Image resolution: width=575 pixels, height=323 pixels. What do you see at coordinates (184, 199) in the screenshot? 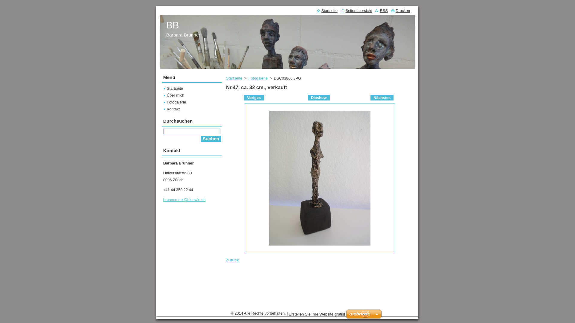
I see `'brunnerstex@bluewin.ch'` at bounding box center [184, 199].